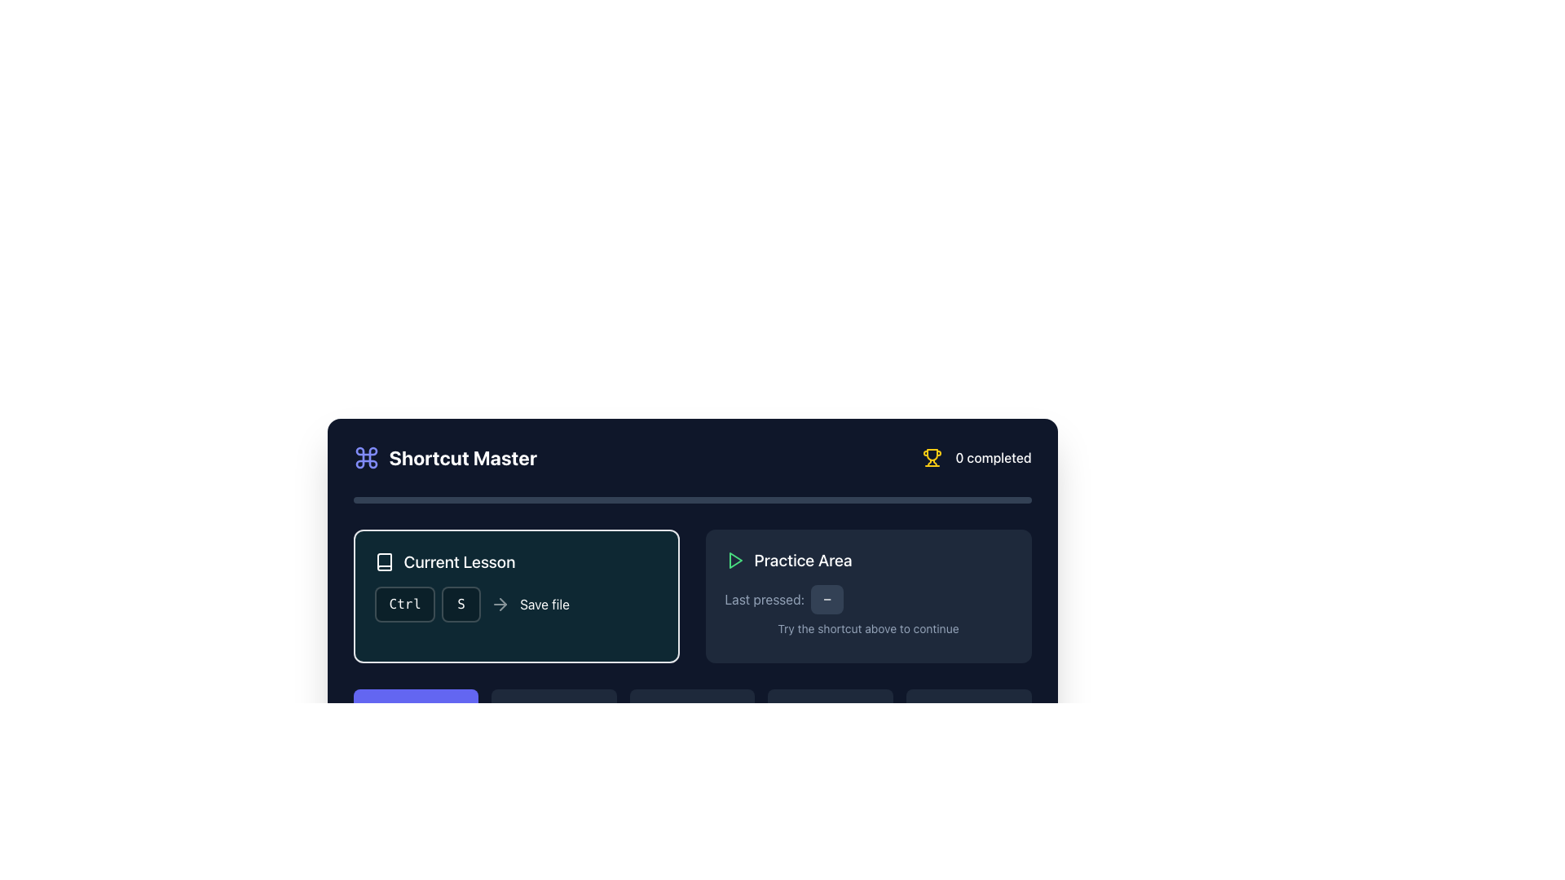 The image size is (1565, 880). I want to click on the triangular play button icon located in the 'Practice Area' section of the application interface, so click(734, 559).